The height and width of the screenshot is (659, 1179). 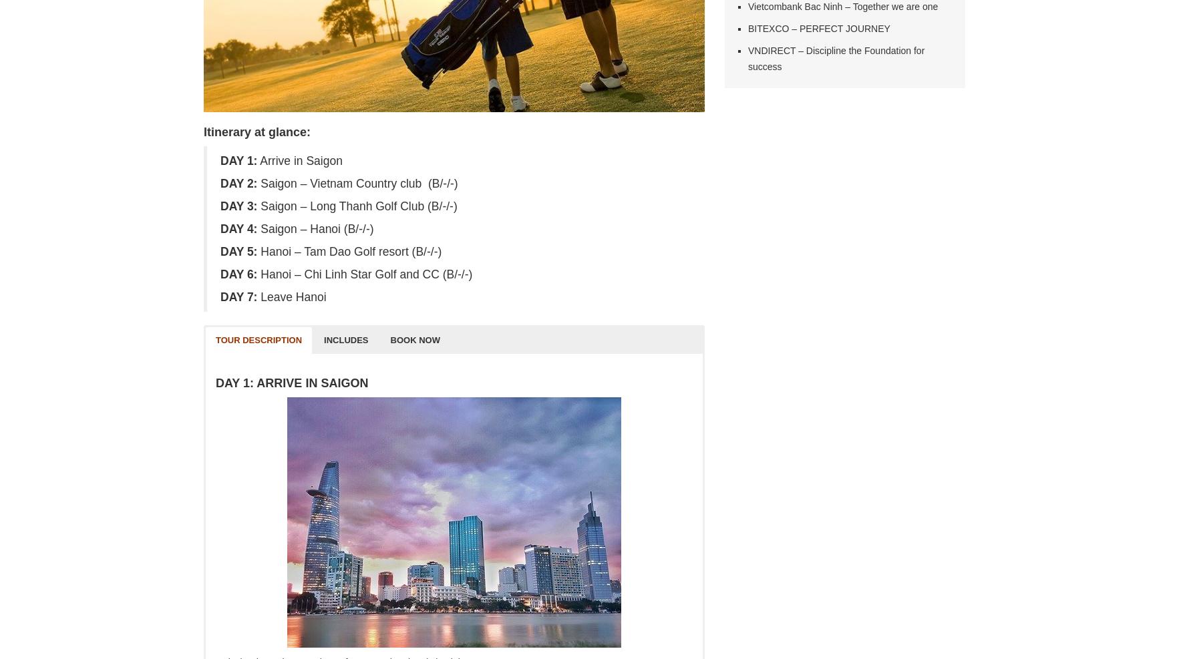 I want to click on 'Itinerary at glance:', so click(x=256, y=131).